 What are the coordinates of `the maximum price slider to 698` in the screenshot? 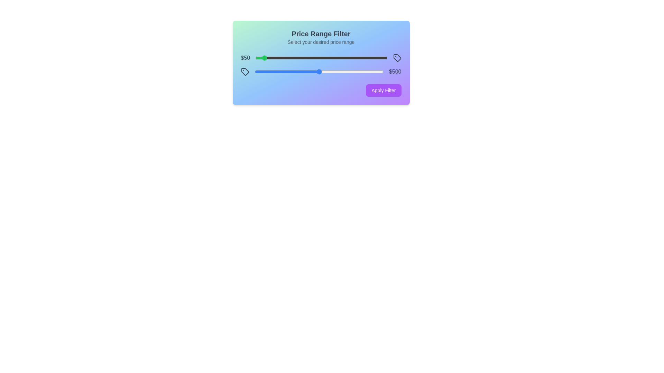 It's located at (344, 72).